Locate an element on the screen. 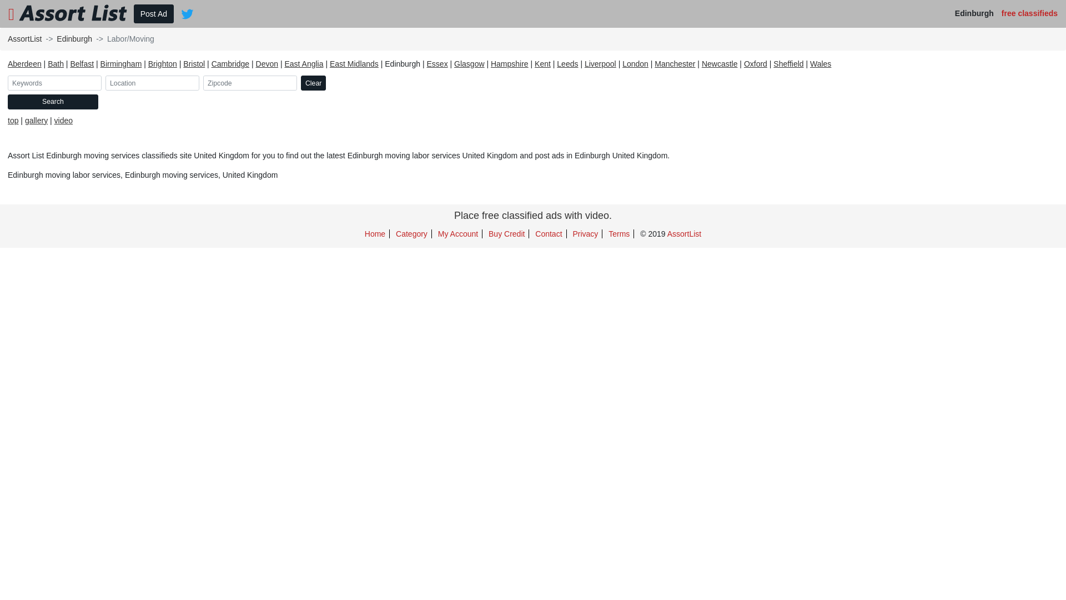 This screenshot has height=600, width=1066. 'Sheffield' is located at coordinates (788, 64).